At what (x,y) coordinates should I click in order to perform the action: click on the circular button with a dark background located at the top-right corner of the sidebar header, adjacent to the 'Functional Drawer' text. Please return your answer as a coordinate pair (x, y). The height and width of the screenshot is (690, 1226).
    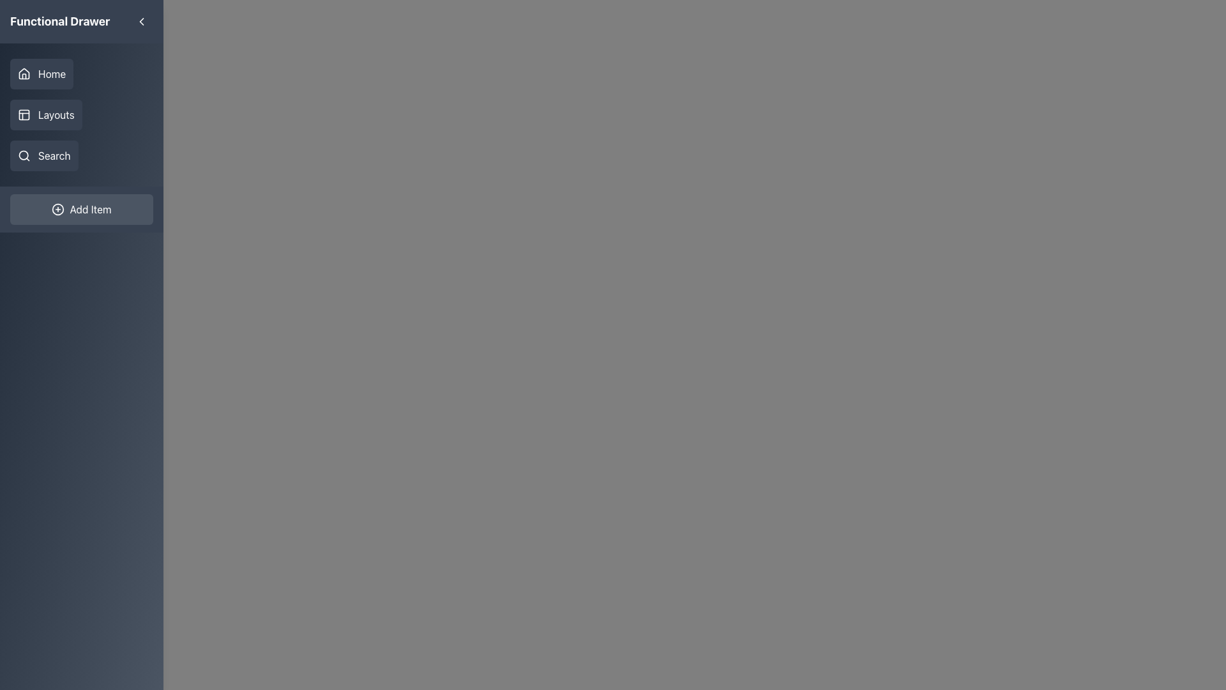
    Looking at the image, I should click on (141, 22).